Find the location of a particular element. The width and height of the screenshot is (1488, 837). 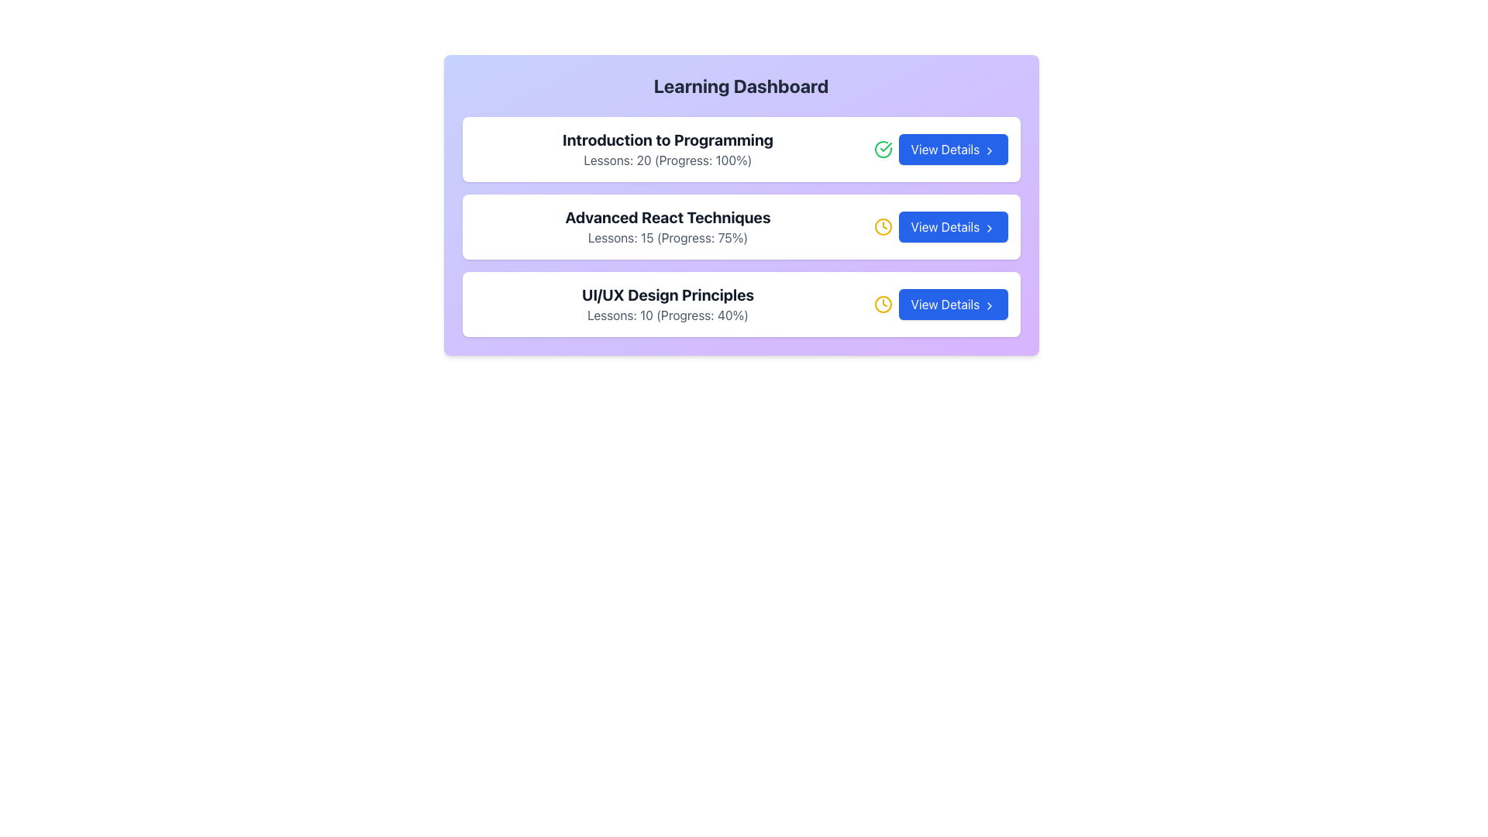

Text Label that provides information about the number of lessons and progress percentage for the course module, located directly below 'Advanced React Techniques' is located at coordinates (668, 238).